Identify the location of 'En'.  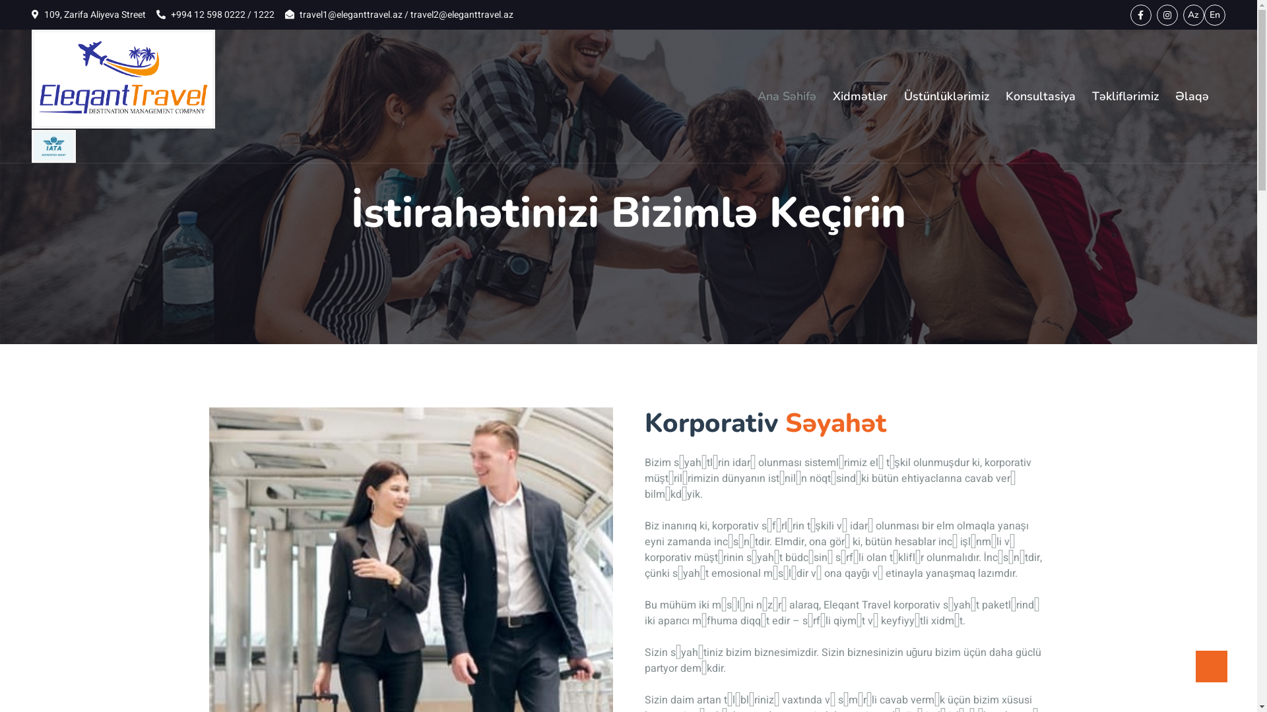
(1214, 15).